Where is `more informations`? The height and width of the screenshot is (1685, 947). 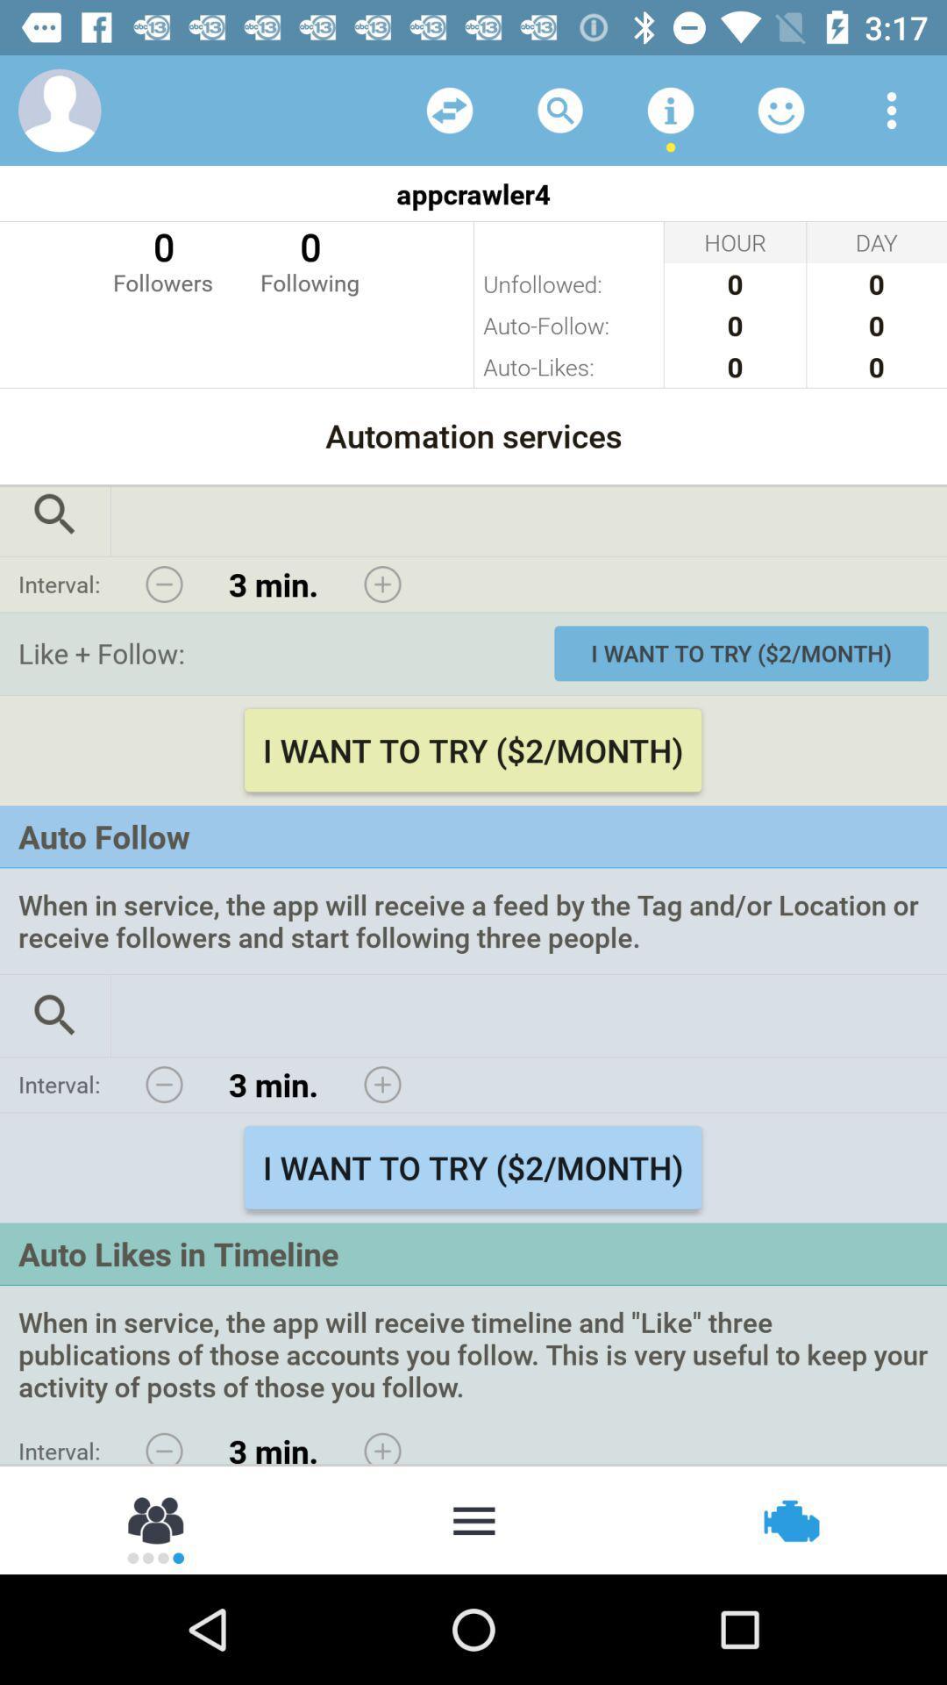
more informations is located at coordinates (670, 109).